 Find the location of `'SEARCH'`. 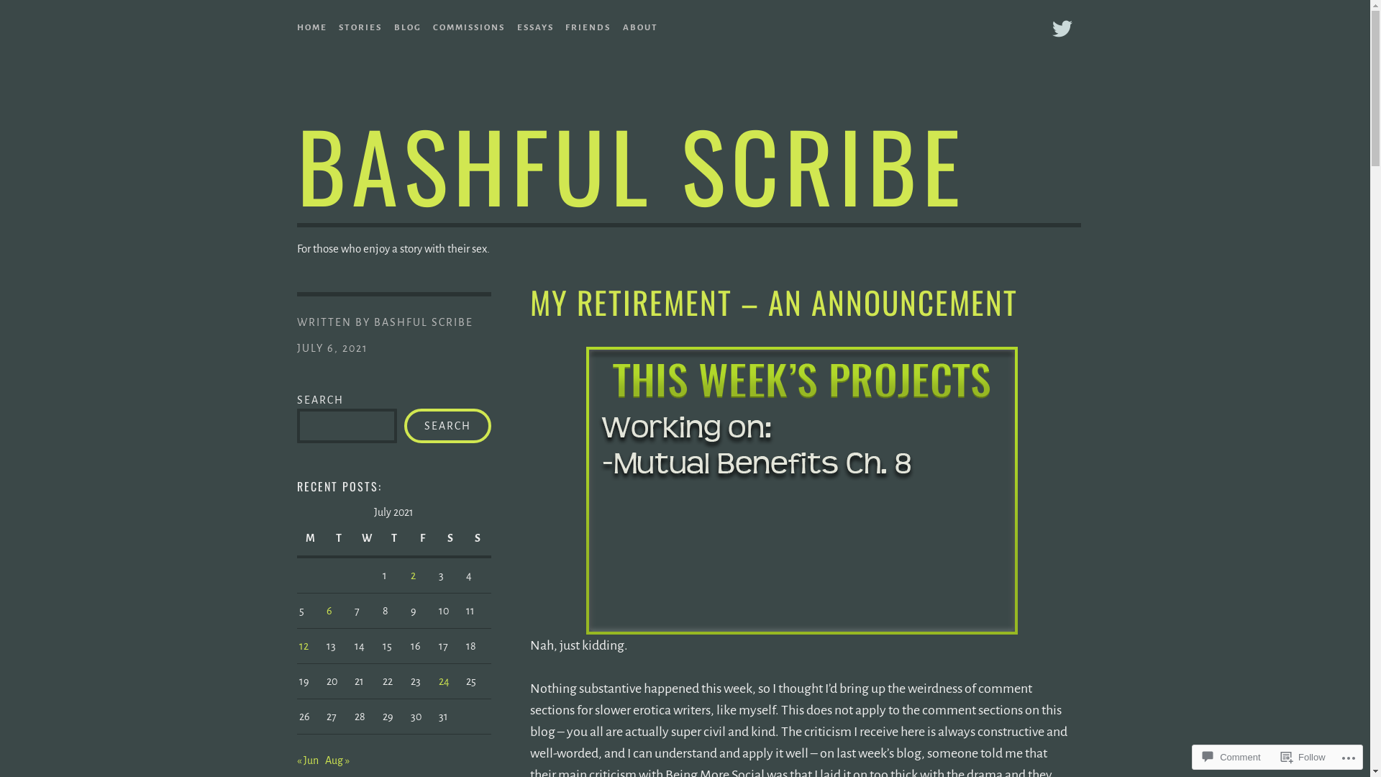

'SEARCH' is located at coordinates (447, 424).